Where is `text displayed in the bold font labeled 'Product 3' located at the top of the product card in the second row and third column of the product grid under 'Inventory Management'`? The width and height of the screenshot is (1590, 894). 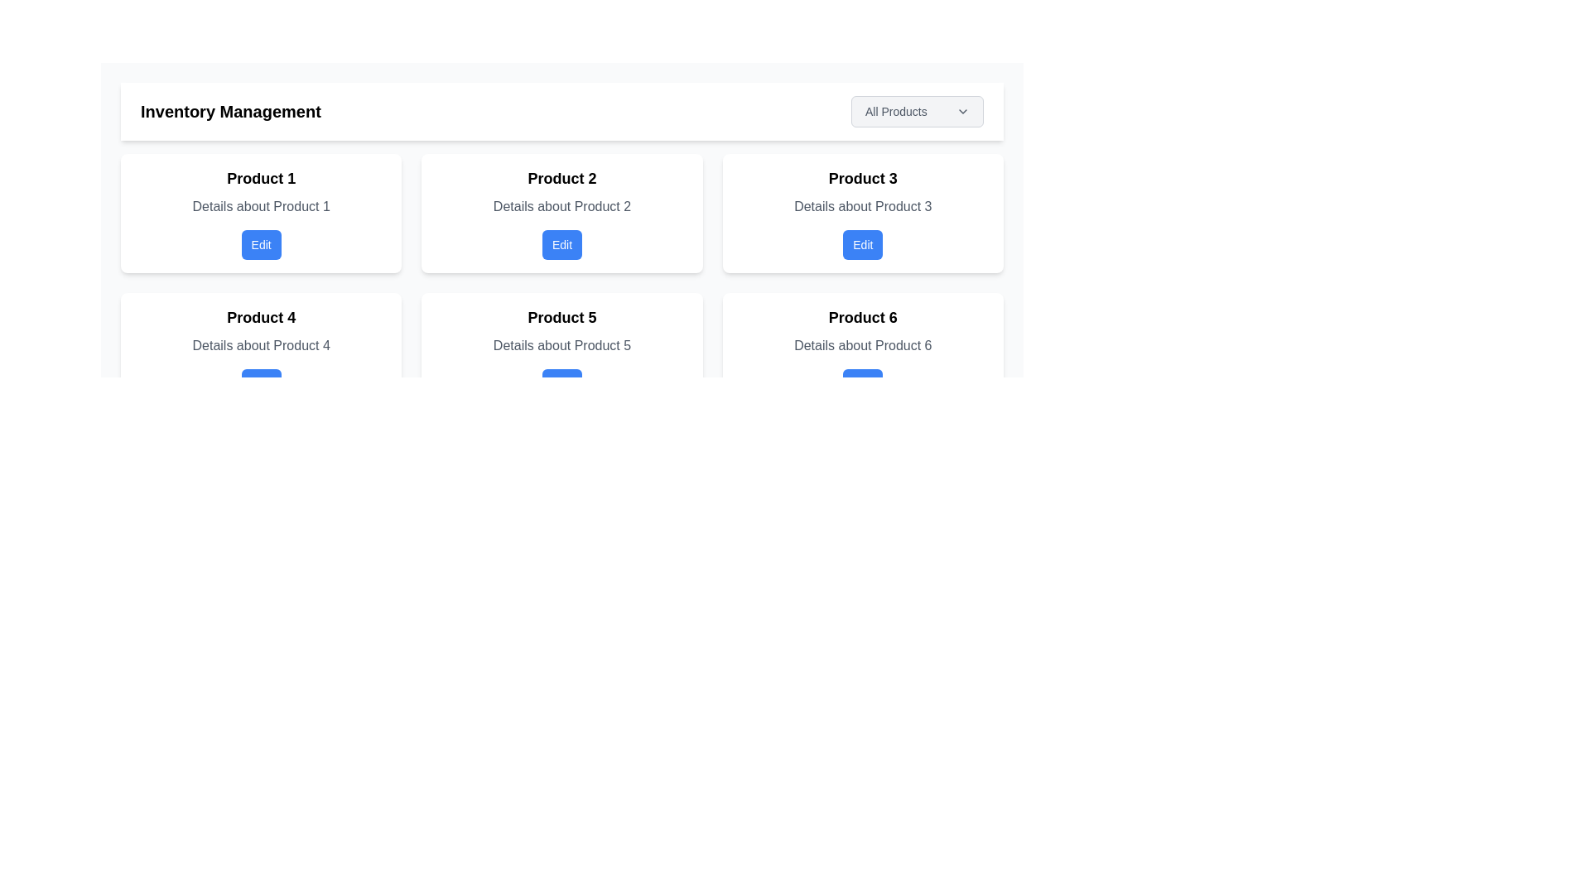
text displayed in the bold font labeled 'Product 3' located at the top of the product card in the second row and third column of the product grid under 'Inventory Management' is located at coordinates (862, 179).